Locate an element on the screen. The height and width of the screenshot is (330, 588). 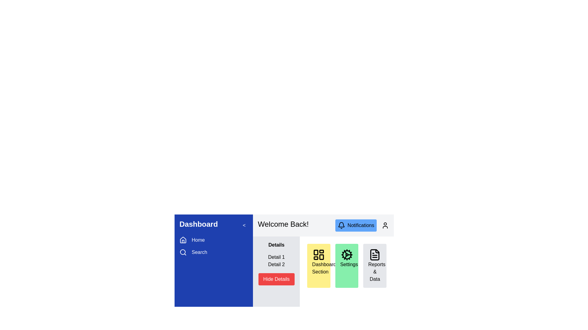
the graphical component within the 'Dashboard Section' icon, located in the lower-right portion of the yellow square area is located at coordinates (321, 257).